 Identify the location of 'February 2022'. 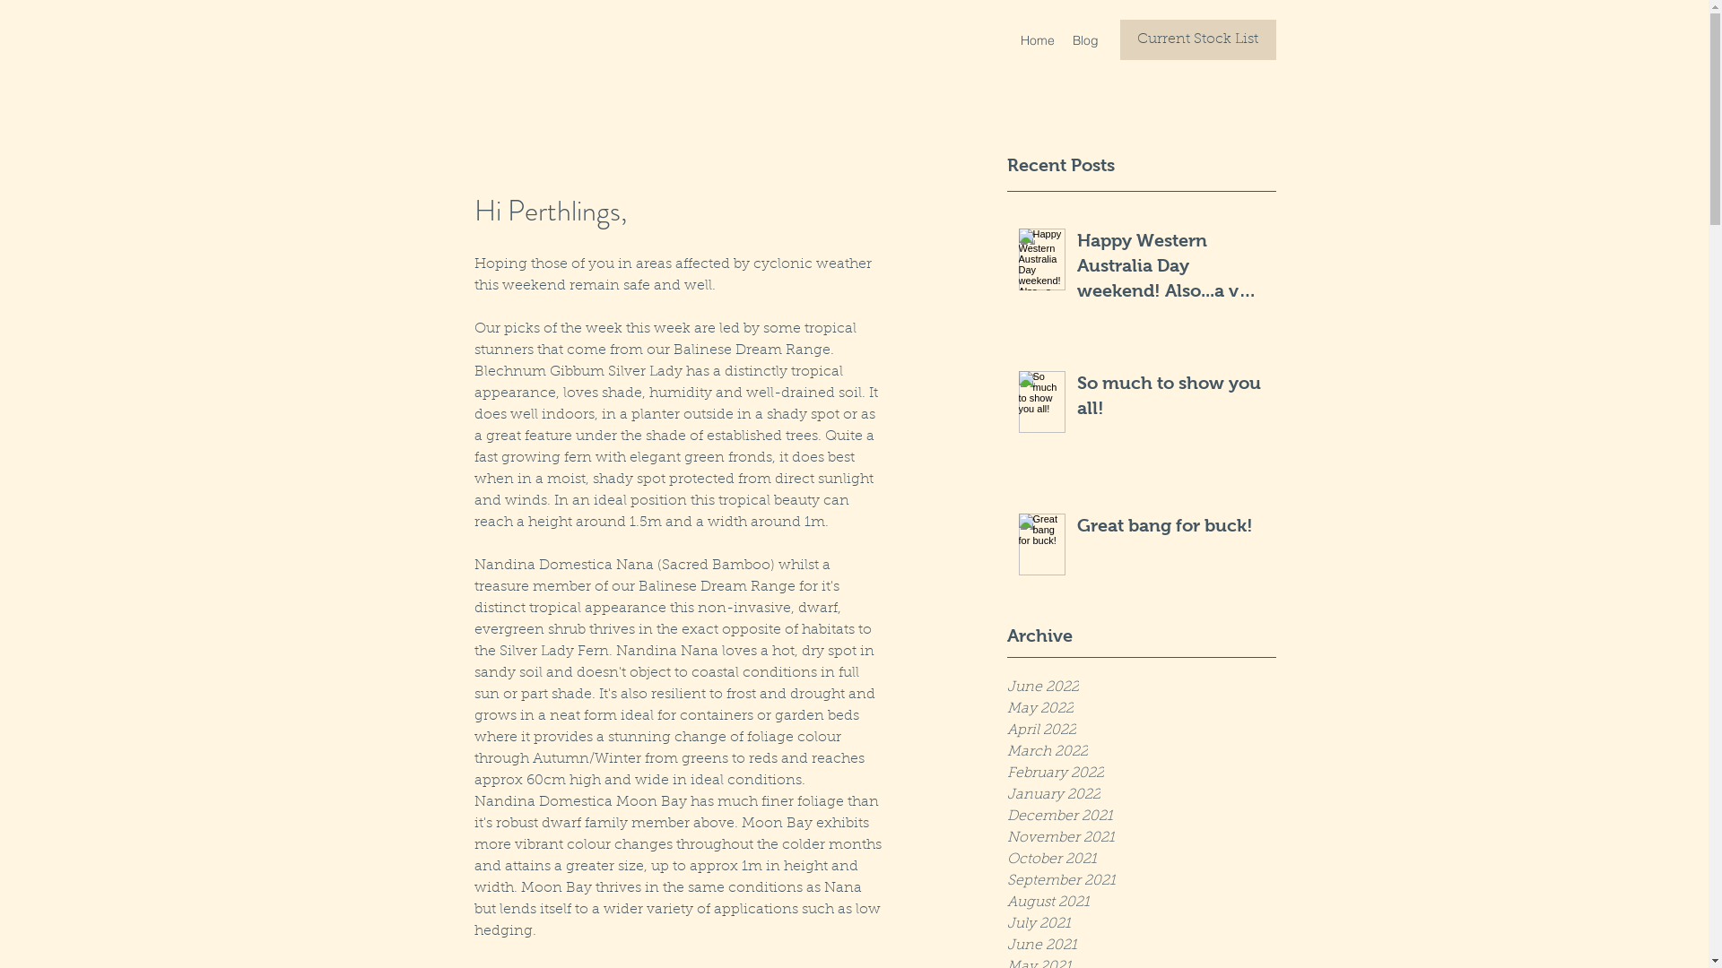
(1140, 773).